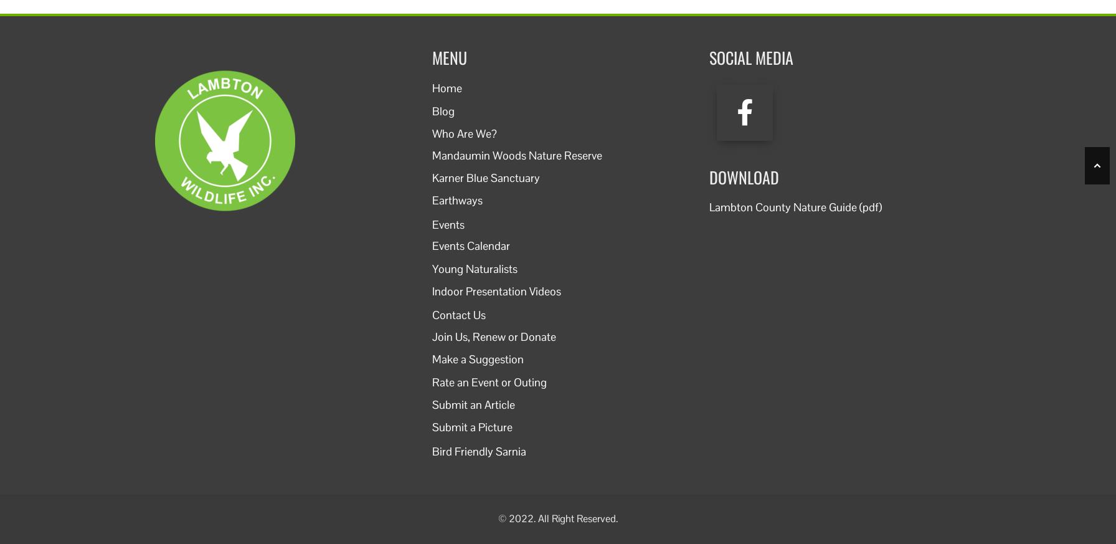 This screenshot has width=1116, height=544. I want to click on 'Earthways', so click(457, 200).